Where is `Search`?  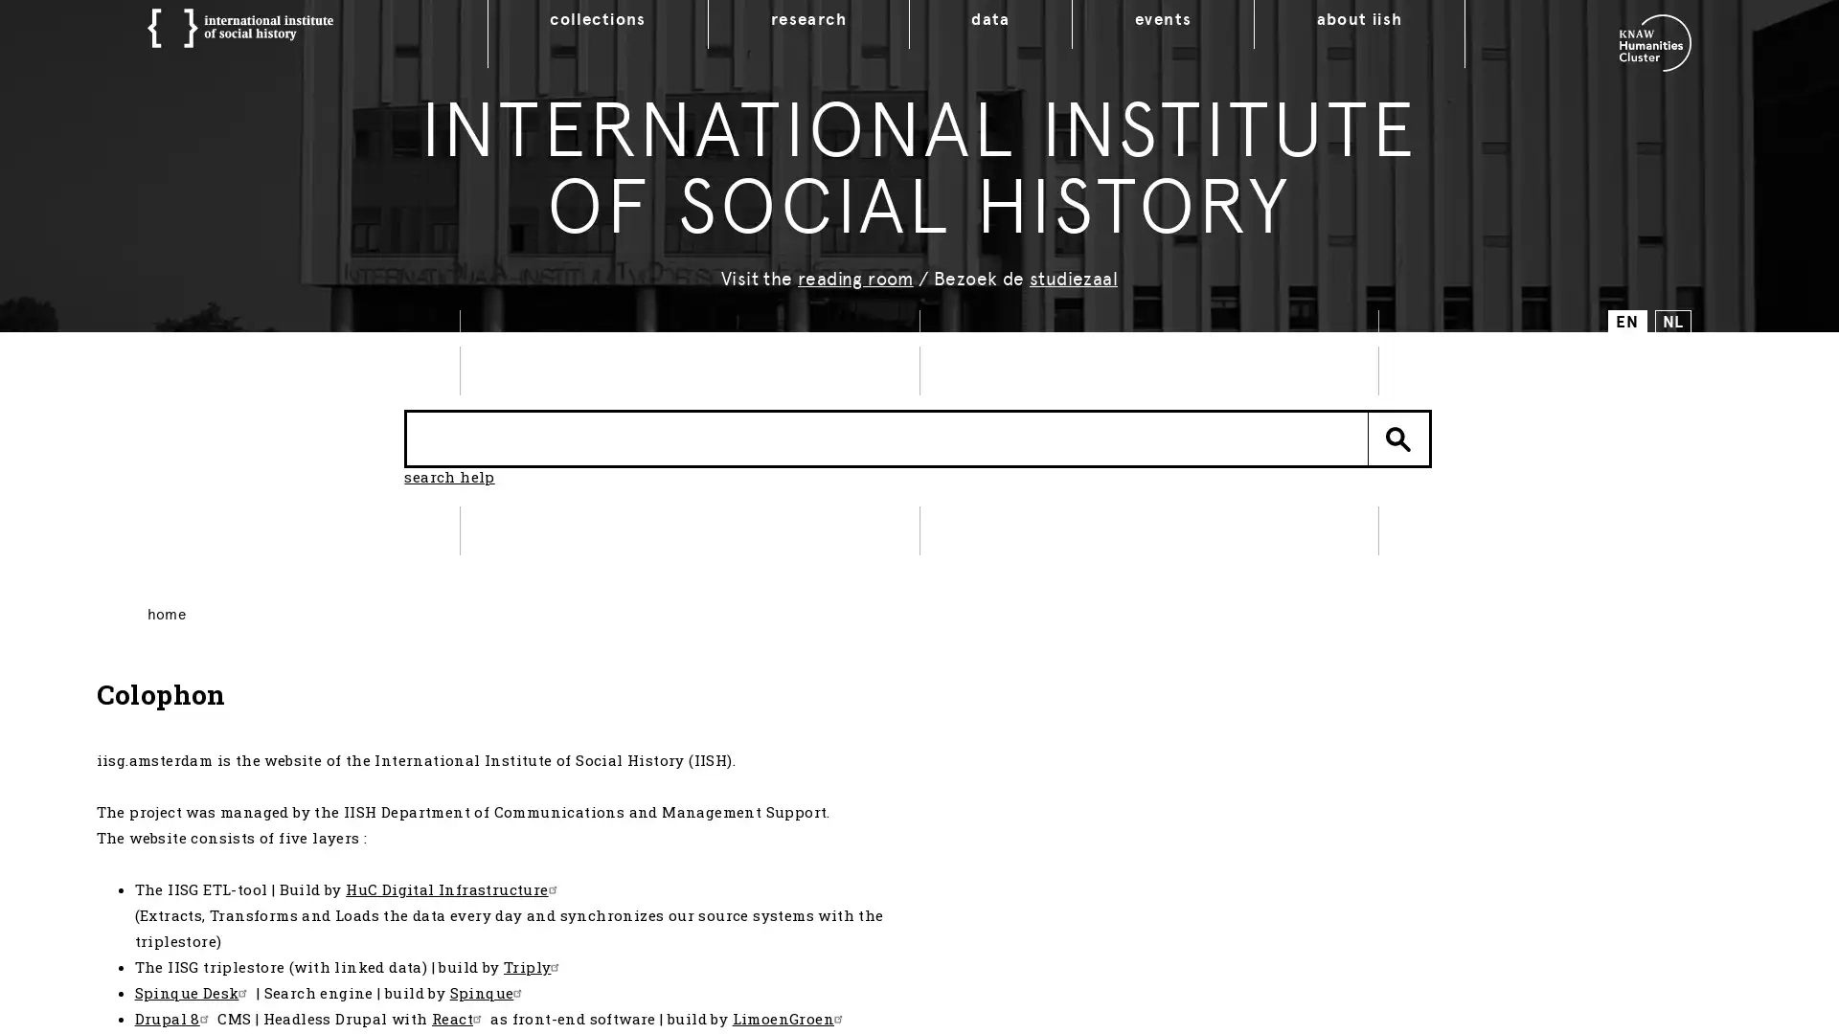 Search is located at coordinates (1398, 446).